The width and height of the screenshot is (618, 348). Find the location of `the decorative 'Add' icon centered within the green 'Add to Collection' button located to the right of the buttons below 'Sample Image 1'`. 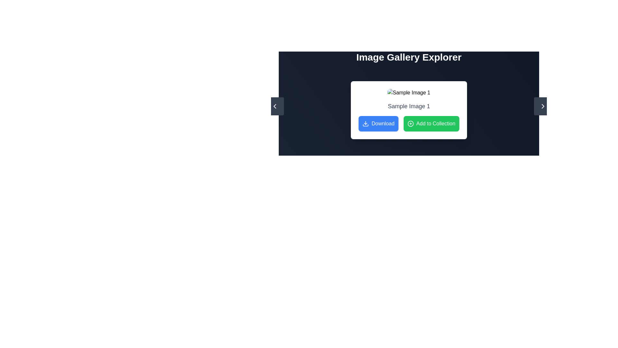

the decorative 'Add' icon centered within the green 'Add to Collection' button located to the right of the buttons below 'Sample Image 1' is located at coordinates (410, 124).